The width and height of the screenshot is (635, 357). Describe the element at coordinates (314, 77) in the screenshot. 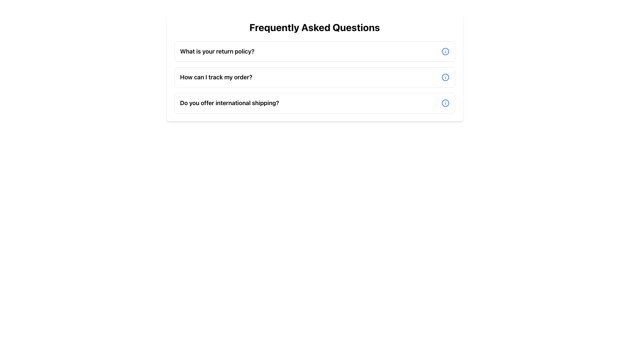

I see `the interactive list item displaying 'How can I track my order?'` at that location.